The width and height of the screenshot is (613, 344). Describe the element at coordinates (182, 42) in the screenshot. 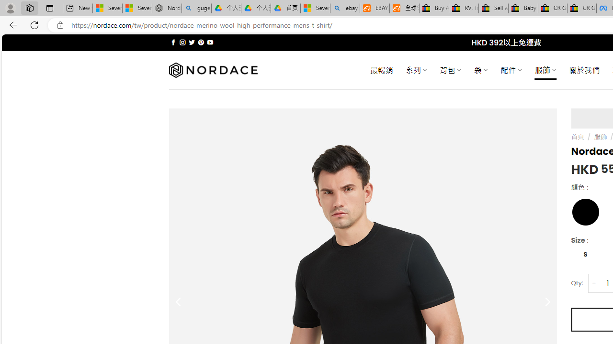

I see `'Follow on Instagram'` at that location.